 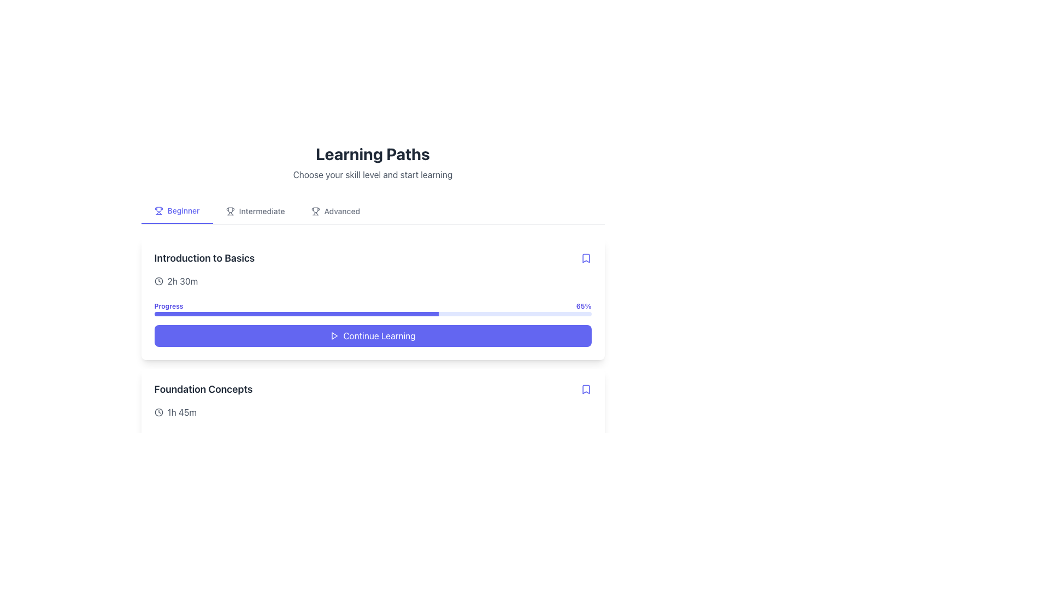 What do you see at coordinates (158, 281) in the screenshot?
I see `the SVG Circle that visually represents duration or time-related information, located centrally within the clock icon above the 'Foundation Concepts' section` at bounding box center [158, 281].